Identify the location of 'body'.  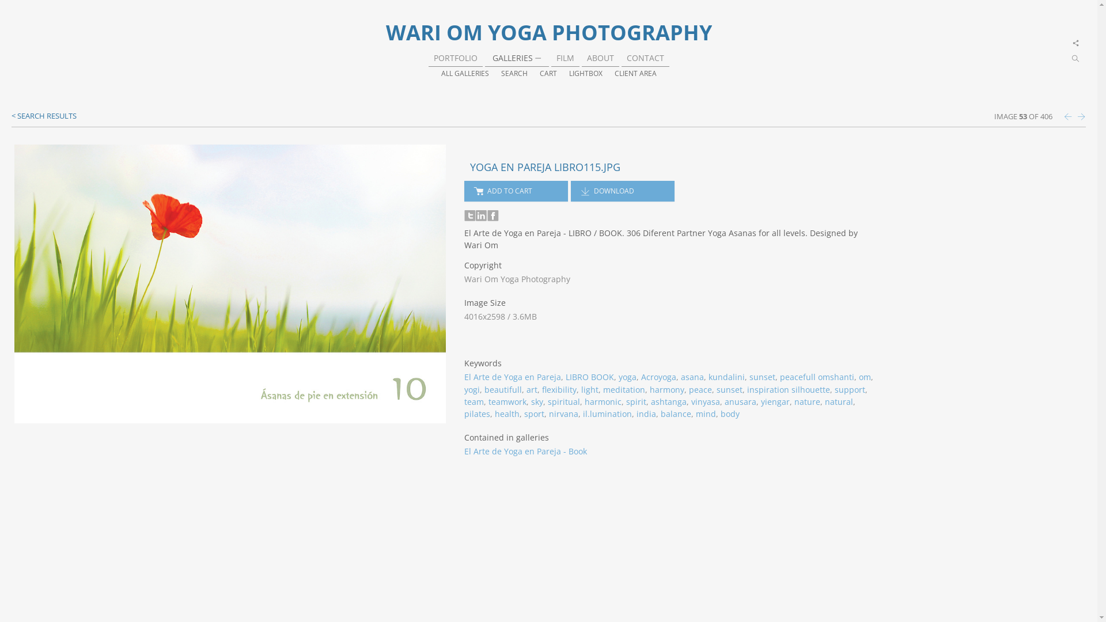
(729, 413).